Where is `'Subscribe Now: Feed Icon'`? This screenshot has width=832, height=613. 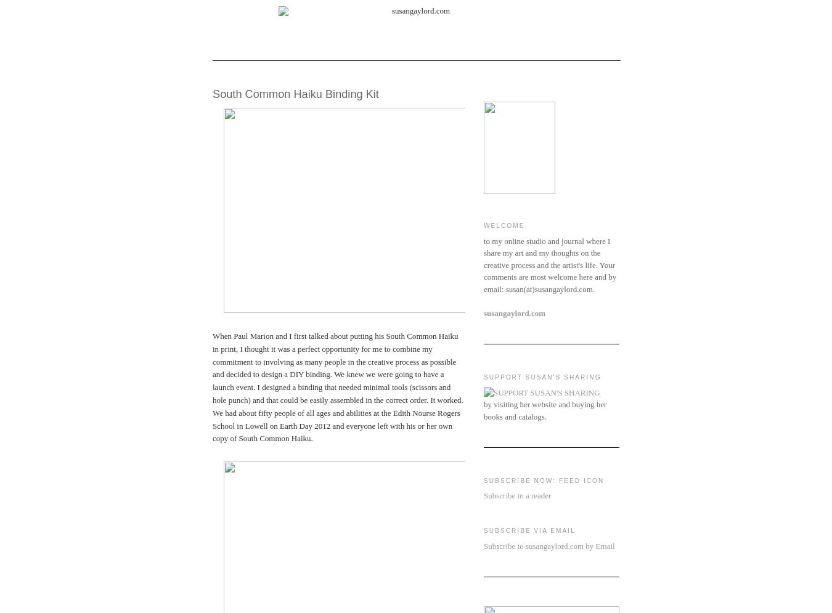 'Subscribe Now: Feed Icon' is located at coordinates (483, 480).